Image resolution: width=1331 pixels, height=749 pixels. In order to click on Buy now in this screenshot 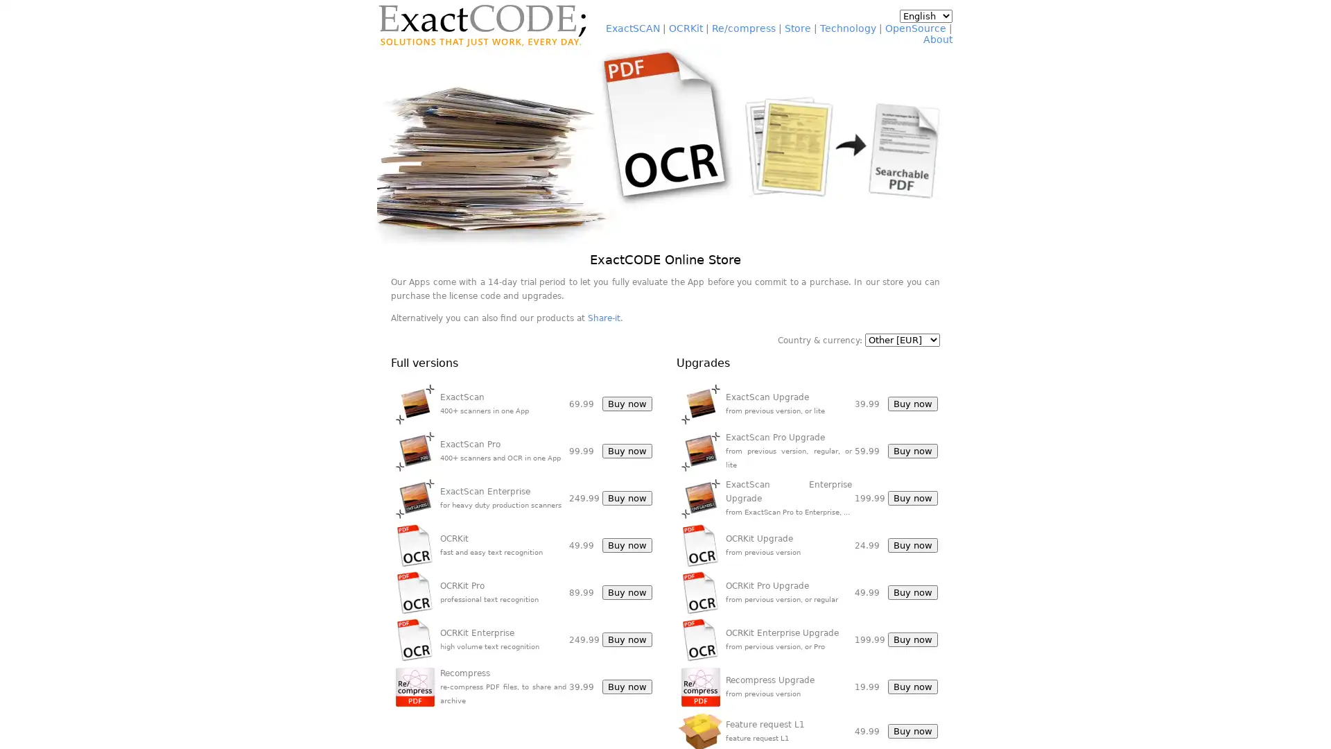, I will do `click(627, 451)`.